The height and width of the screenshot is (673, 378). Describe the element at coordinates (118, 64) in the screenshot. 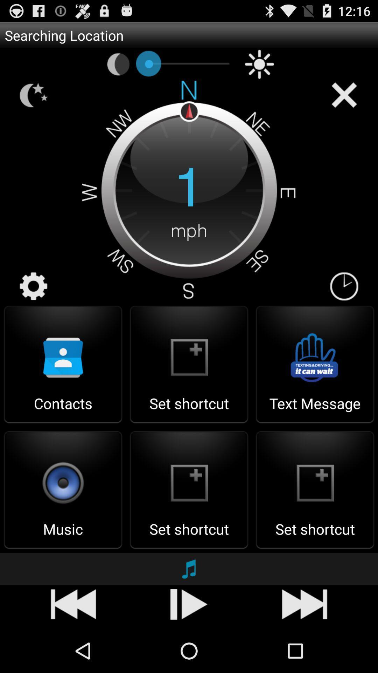

I see `the app above the 1 icon` at that location.